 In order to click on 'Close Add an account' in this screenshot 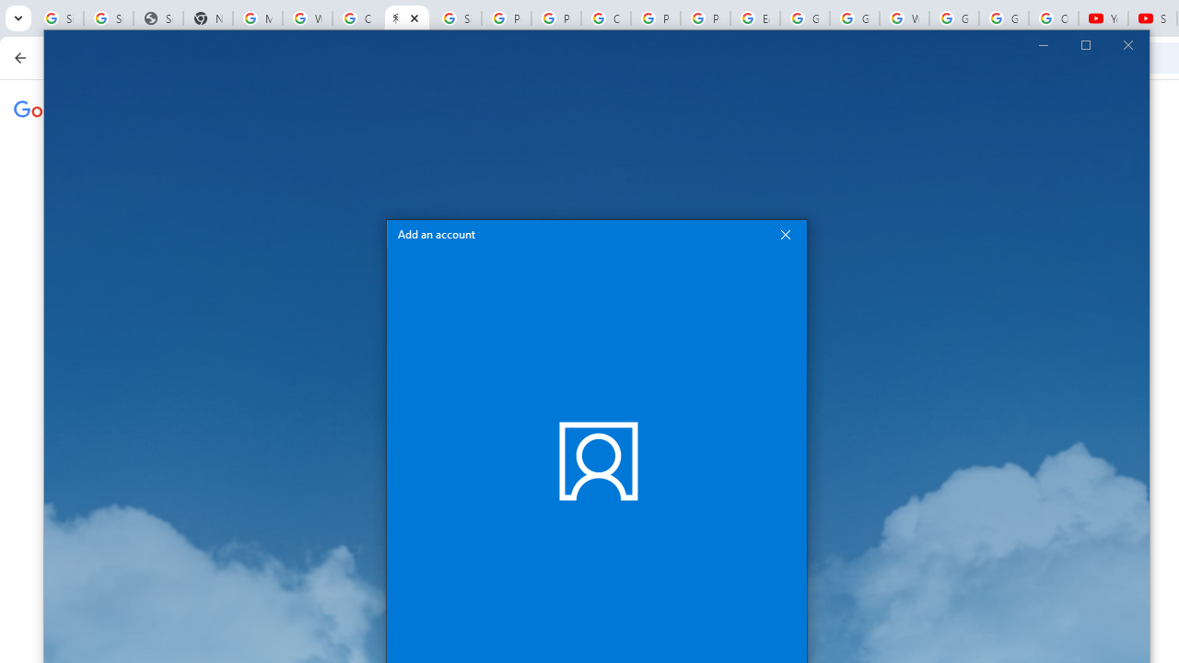, I will do `click(785, 233)`.